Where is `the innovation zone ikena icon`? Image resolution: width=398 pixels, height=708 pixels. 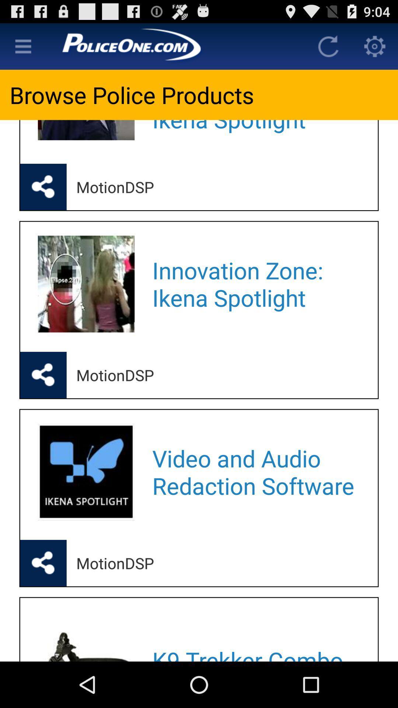
the innovation zone ikena icon is located at coordinates (255, 284).